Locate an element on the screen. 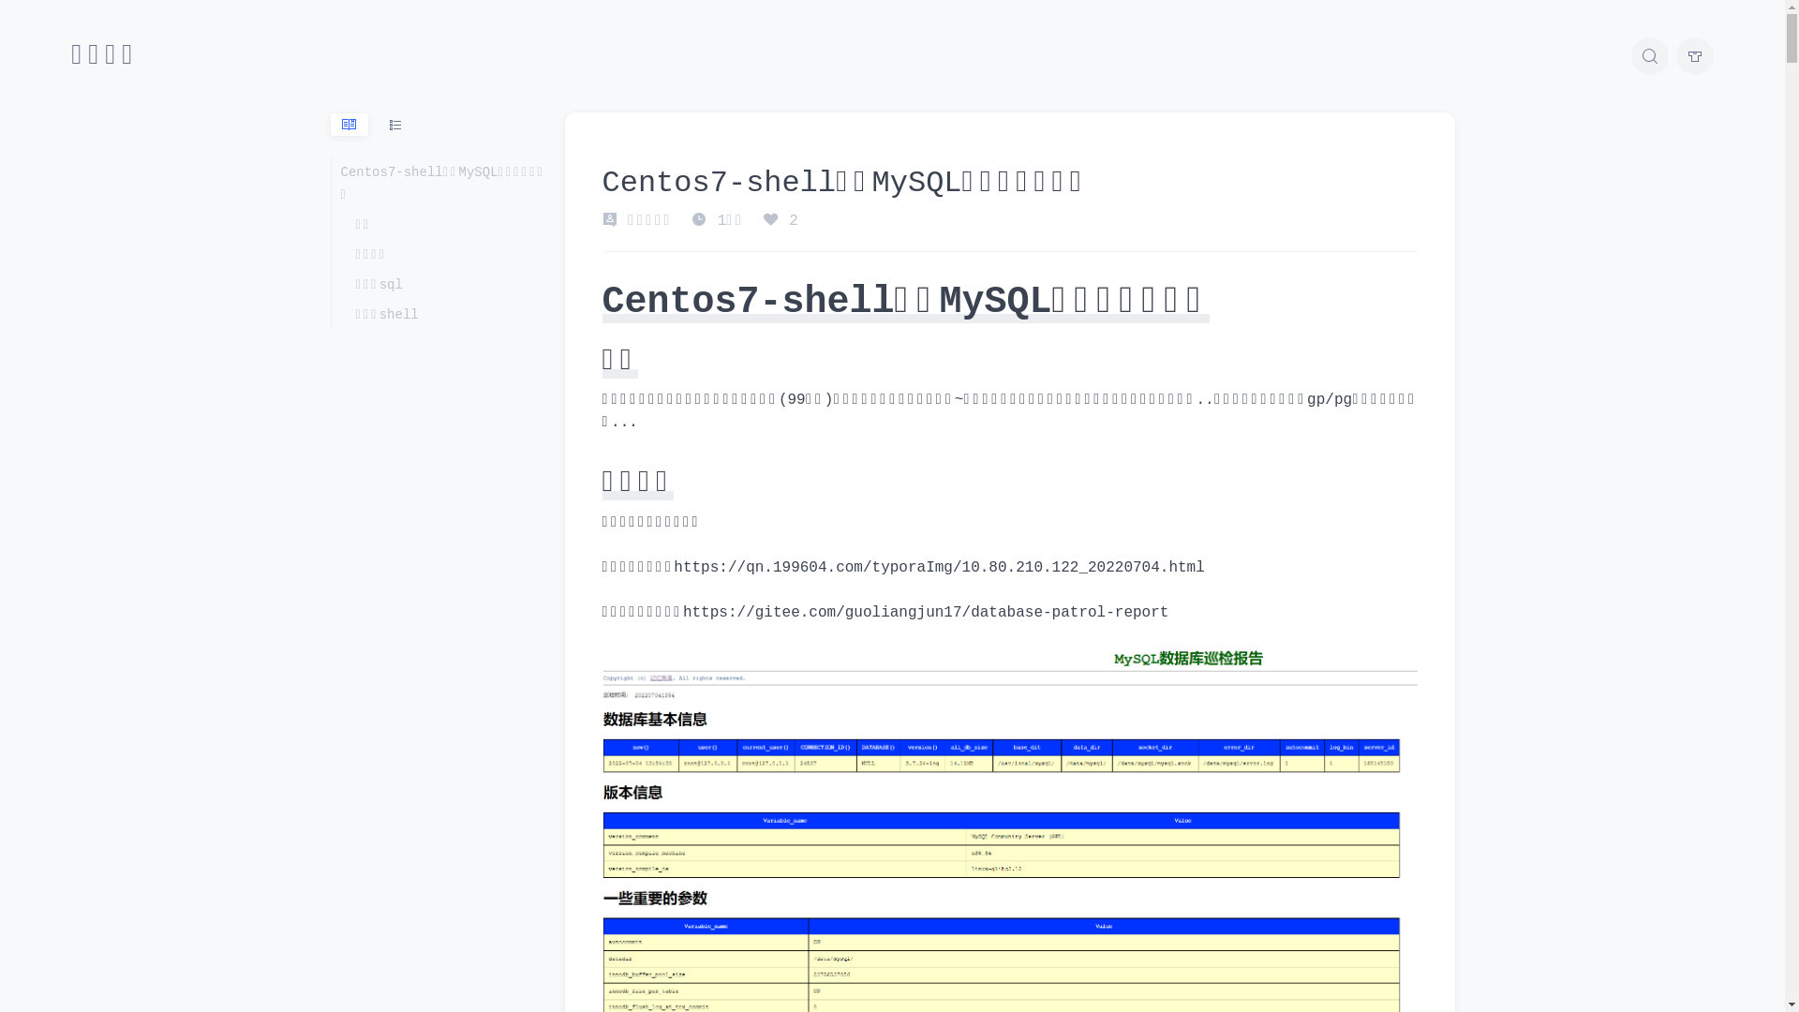 This screenshot has height=1012, width=1799. '2' is located at coordinates (781, 219).